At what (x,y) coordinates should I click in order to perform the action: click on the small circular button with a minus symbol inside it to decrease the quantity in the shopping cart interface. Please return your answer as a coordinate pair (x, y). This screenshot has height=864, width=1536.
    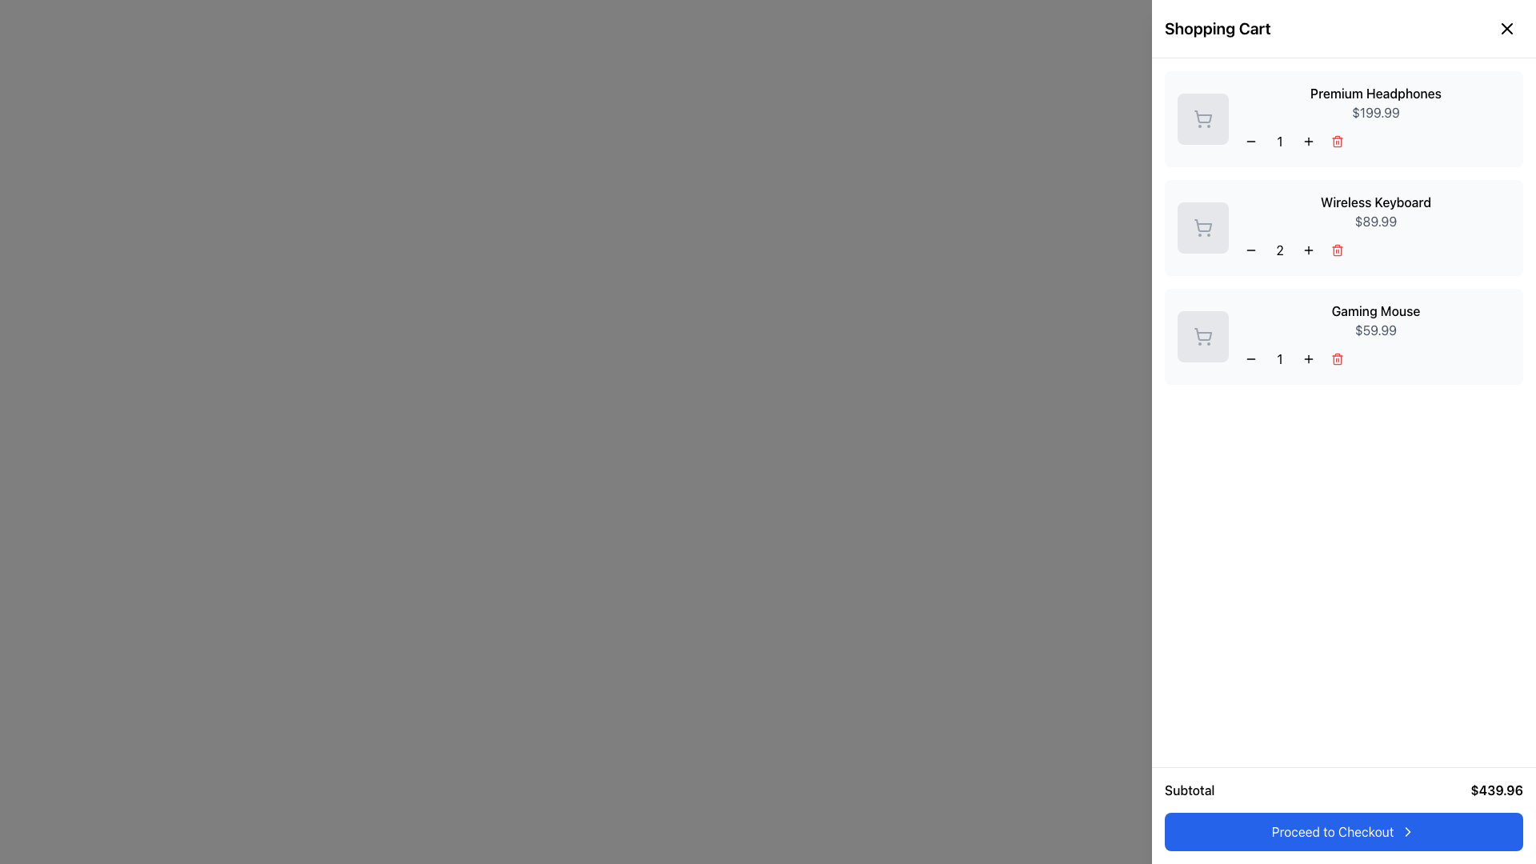
    Looking at the image, I should click on (1250, 250).